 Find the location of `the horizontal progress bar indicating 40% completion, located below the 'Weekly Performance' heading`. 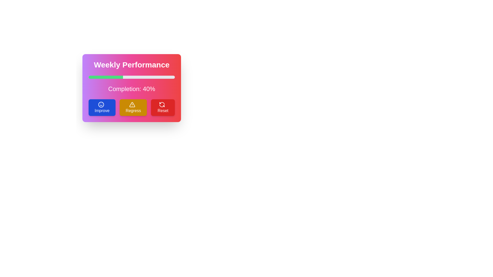

the horizontal progress bar indicating 40% completion, located below the 'Weekly Performance' heading is located at coordinates (132, 77).